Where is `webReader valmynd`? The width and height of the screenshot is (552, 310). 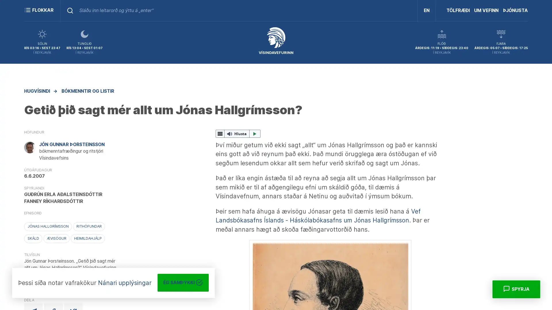
webReader valmynd is located at coordinates (220, 133).